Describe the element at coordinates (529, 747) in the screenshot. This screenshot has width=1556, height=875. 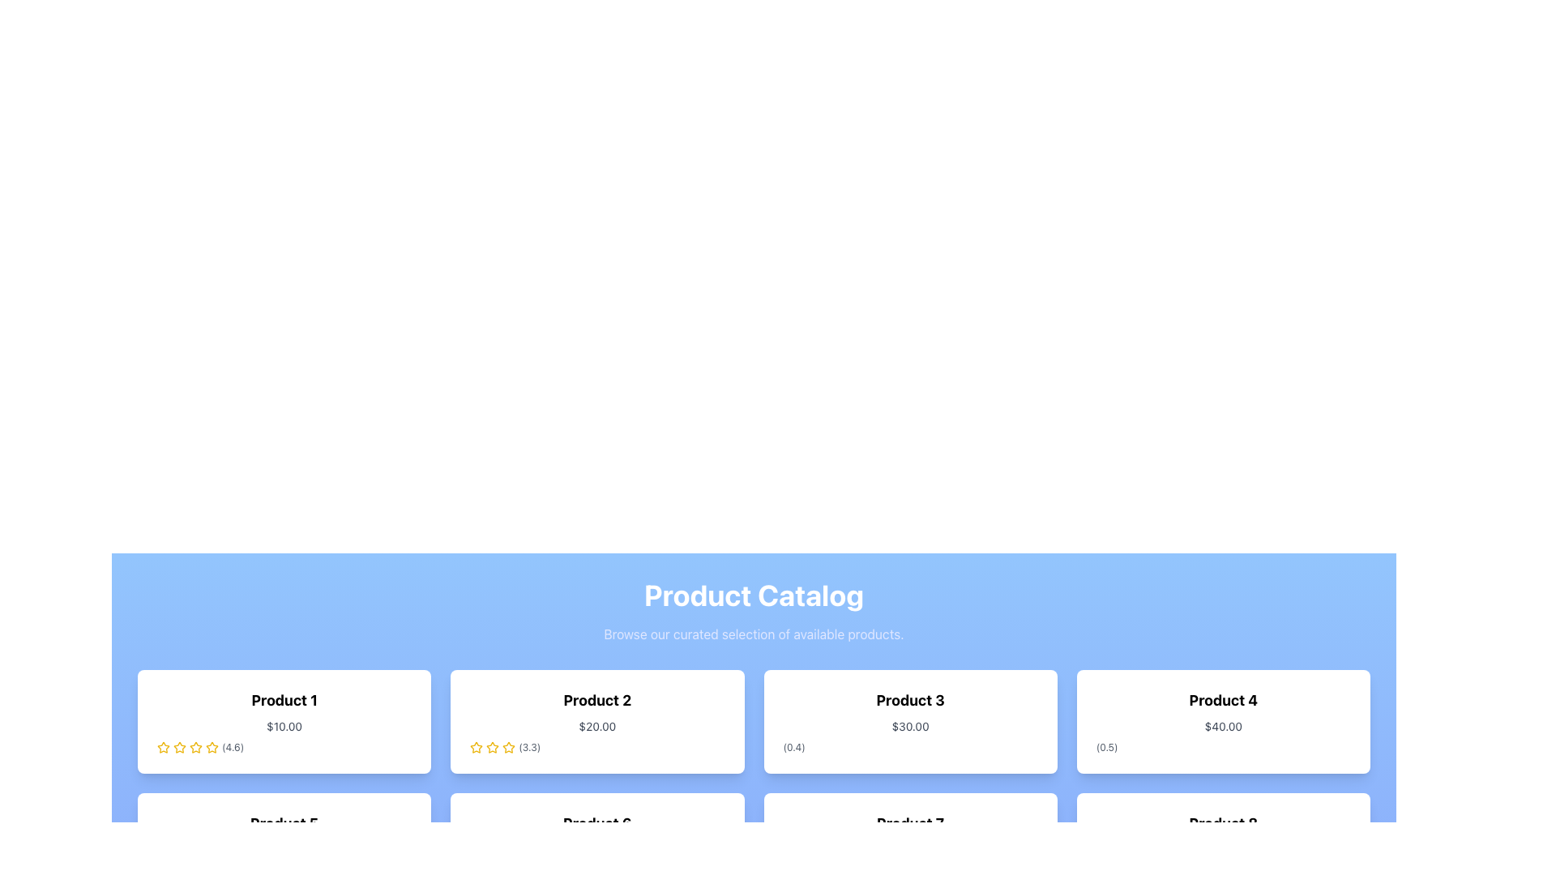
I see `the text label displaying the rating for 'Product 2', located at the bottom section of the card to the right of the star icons` at that location.